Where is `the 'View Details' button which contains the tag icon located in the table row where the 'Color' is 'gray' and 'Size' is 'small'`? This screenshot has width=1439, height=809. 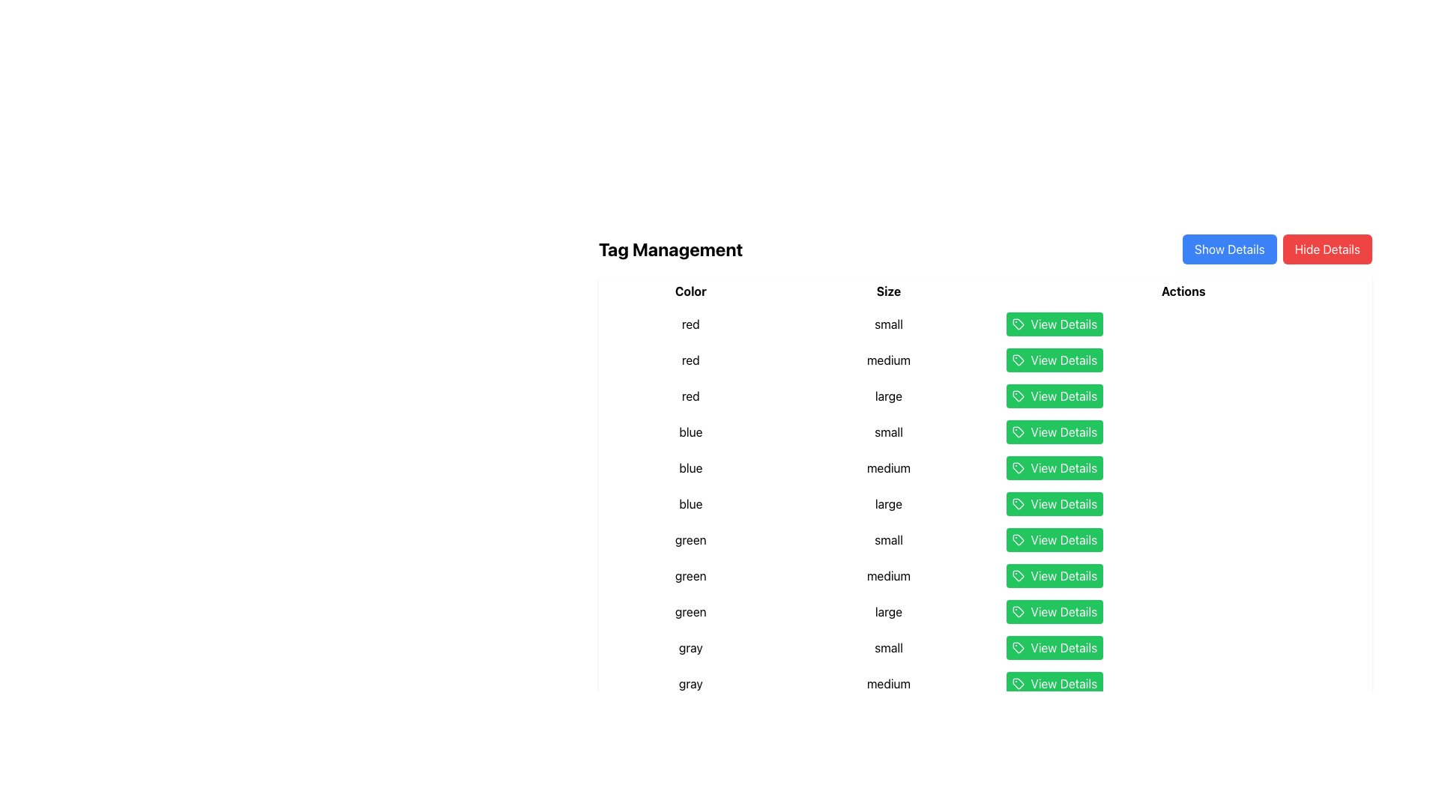 the 'View Details' button which contains the tag icon located in the table row where the 'Color' is 'gray' and 'Size' is 'small' is located at coordinates (1019, 646).